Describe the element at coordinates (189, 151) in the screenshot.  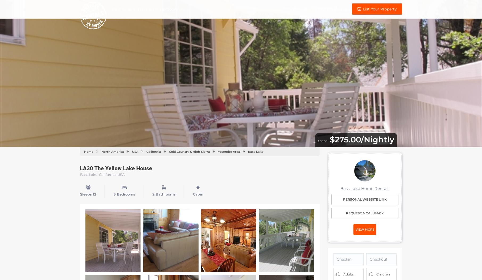
I see `'Gold Country & High Sierra'` at that location.